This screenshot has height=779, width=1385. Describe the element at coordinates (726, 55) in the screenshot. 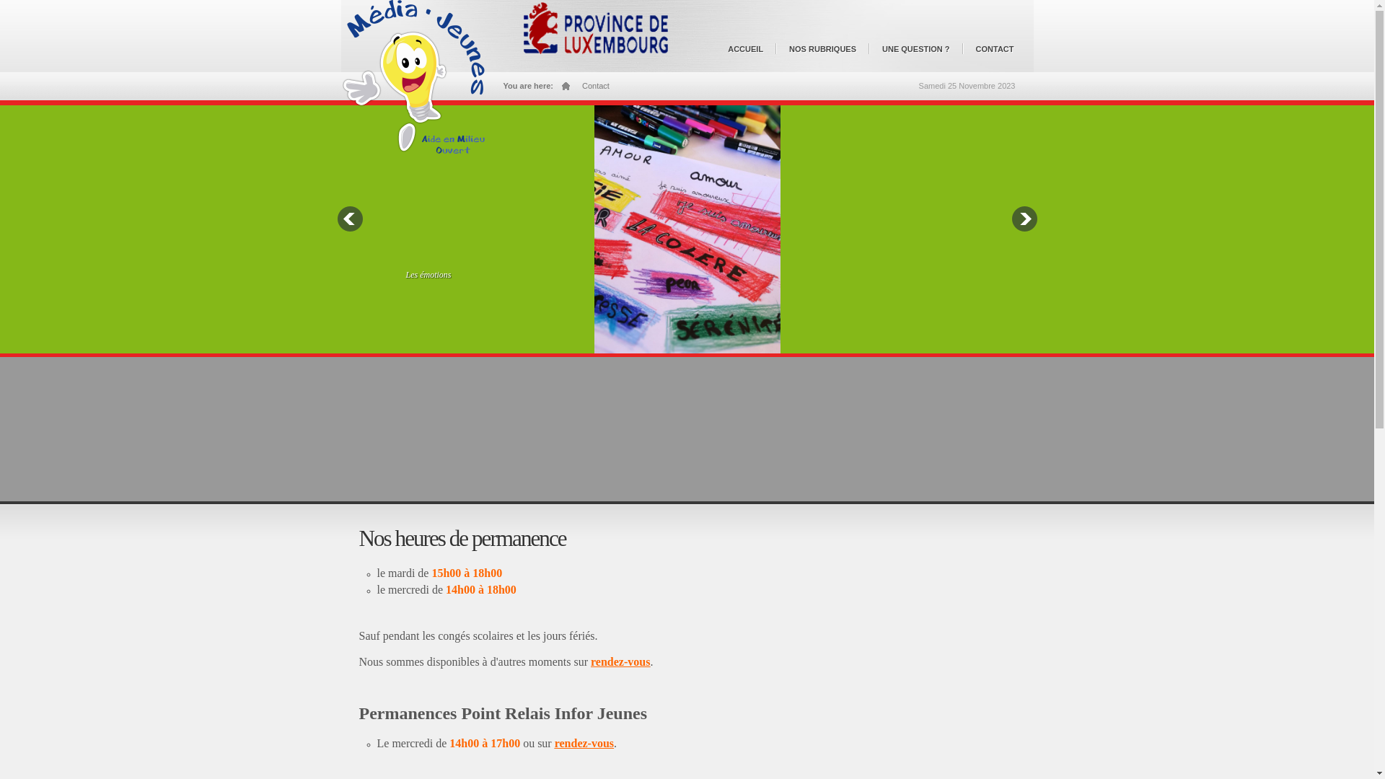

I see `'ACCUEIL'` at that location.